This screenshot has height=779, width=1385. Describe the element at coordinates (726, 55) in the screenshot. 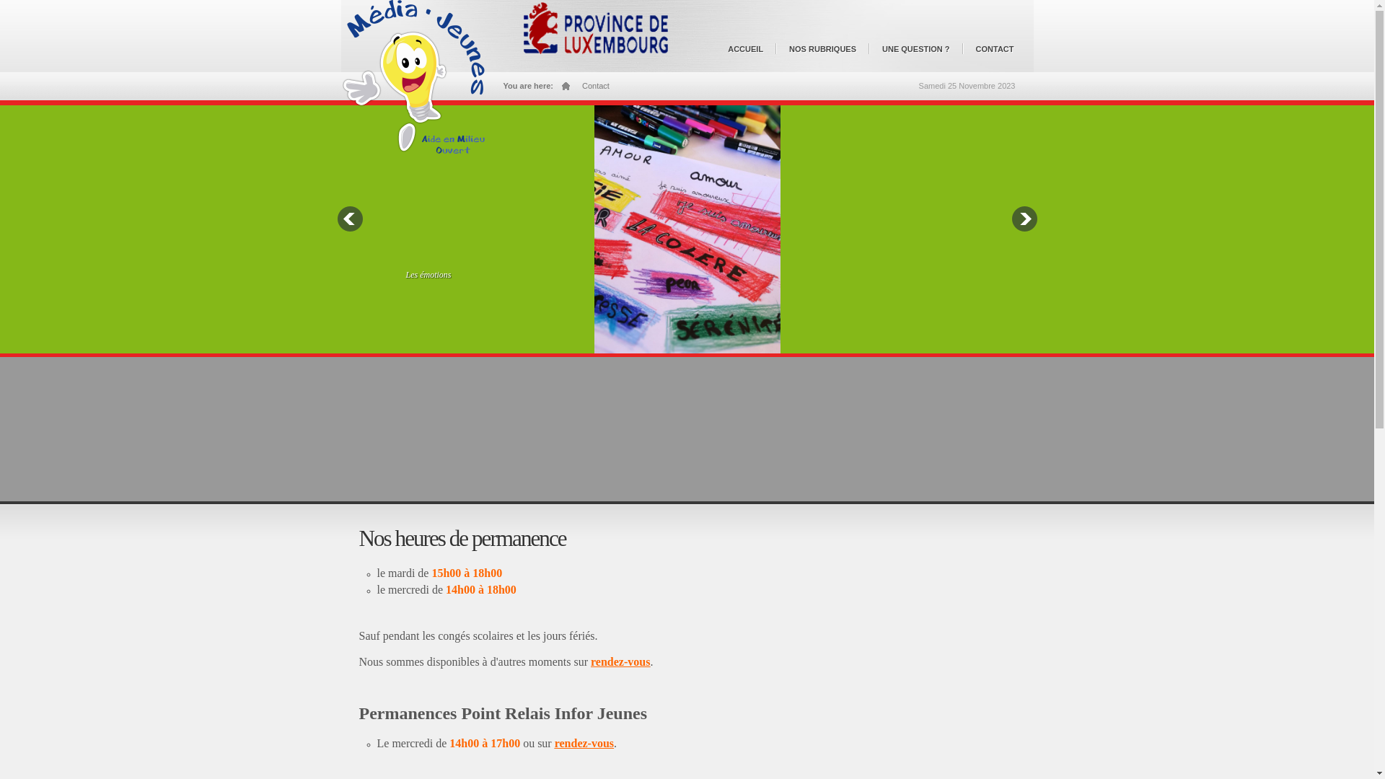

I see `'ACCUEIL'` at that location.